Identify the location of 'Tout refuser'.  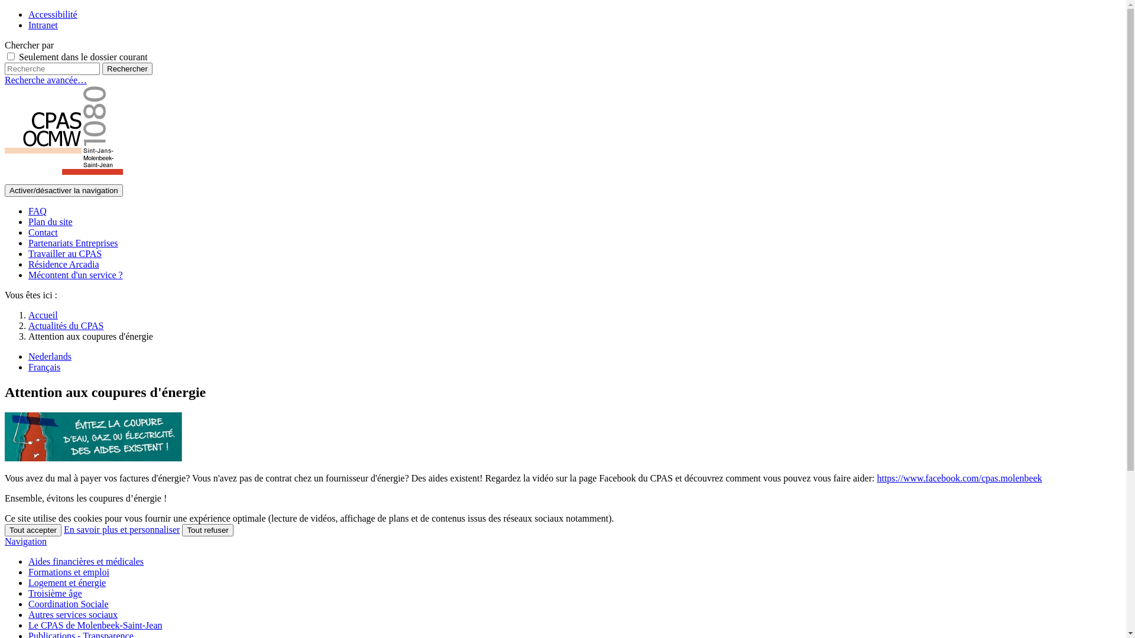
(181, 529).